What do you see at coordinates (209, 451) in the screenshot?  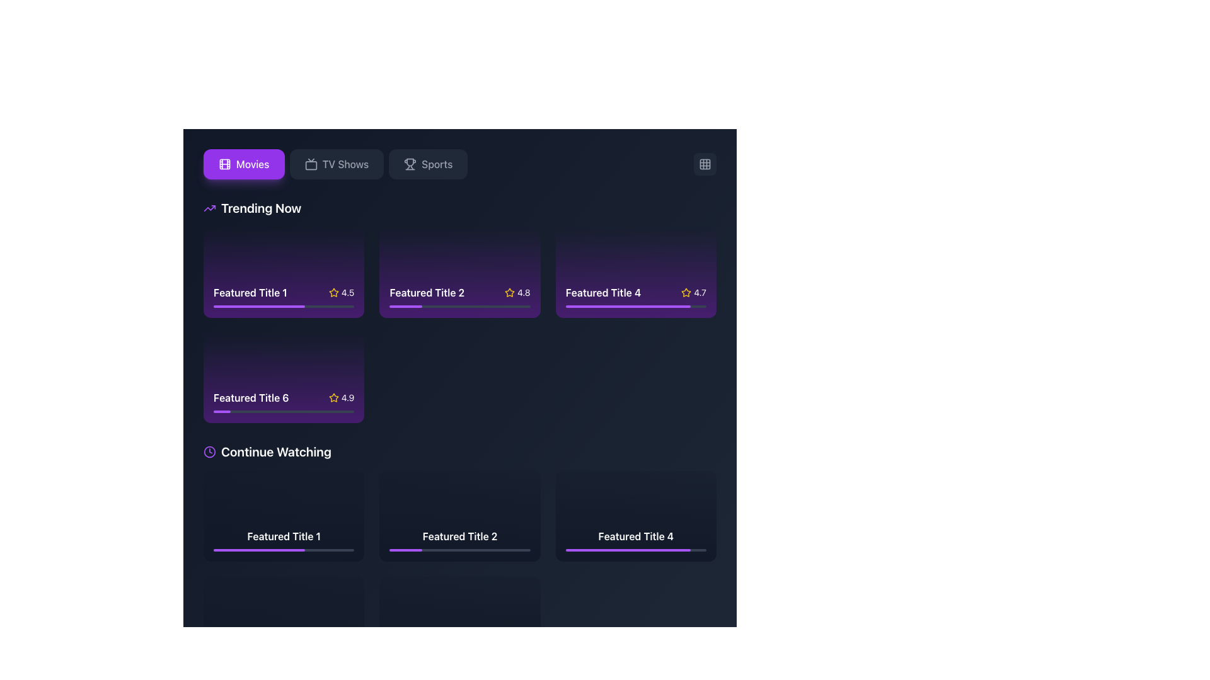 I see `visual cue icon indicating time-related context located to the left of the 'Continue Watching' text in the video streaming interface` at bounding box center [209, 451].